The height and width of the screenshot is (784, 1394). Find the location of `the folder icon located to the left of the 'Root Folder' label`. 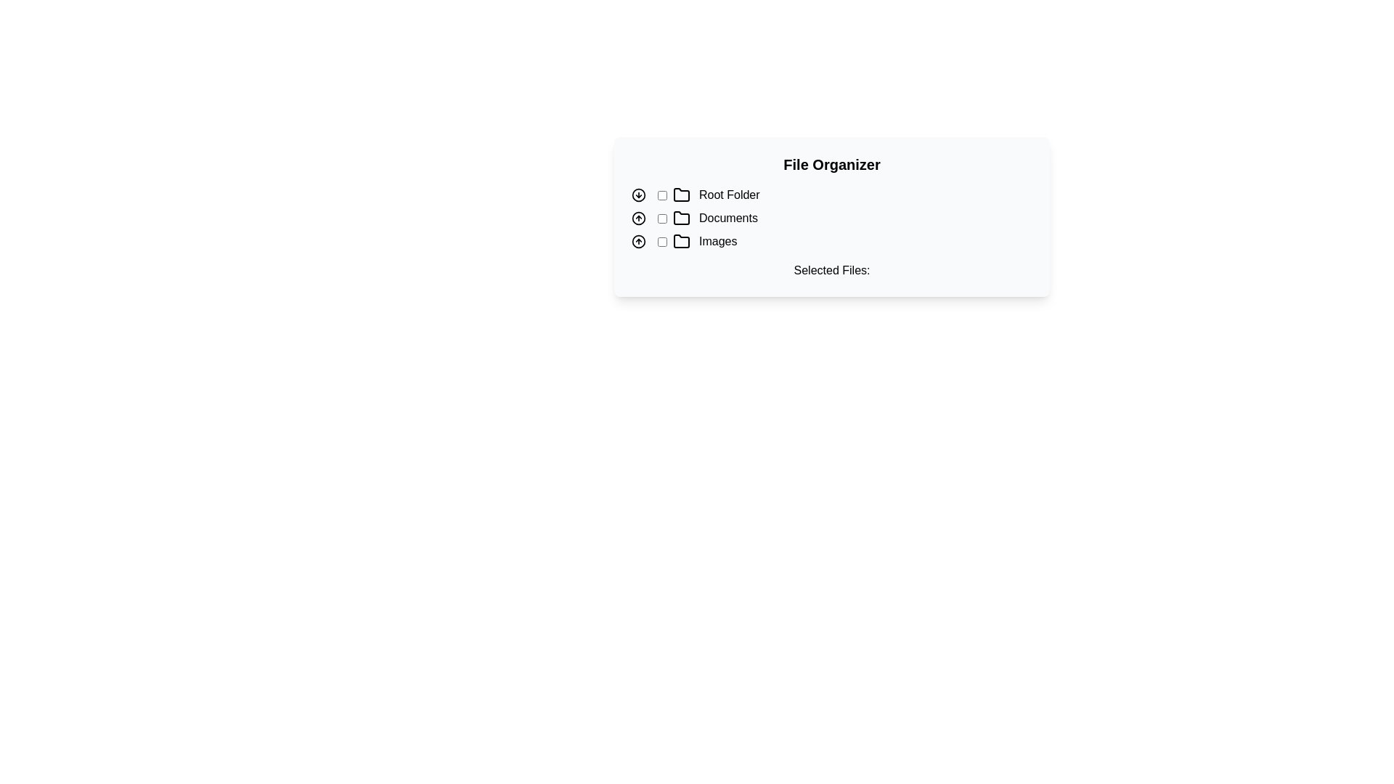

the folder icon located to the left of the 'Root Folder' label is located at coordinates (681, 193).